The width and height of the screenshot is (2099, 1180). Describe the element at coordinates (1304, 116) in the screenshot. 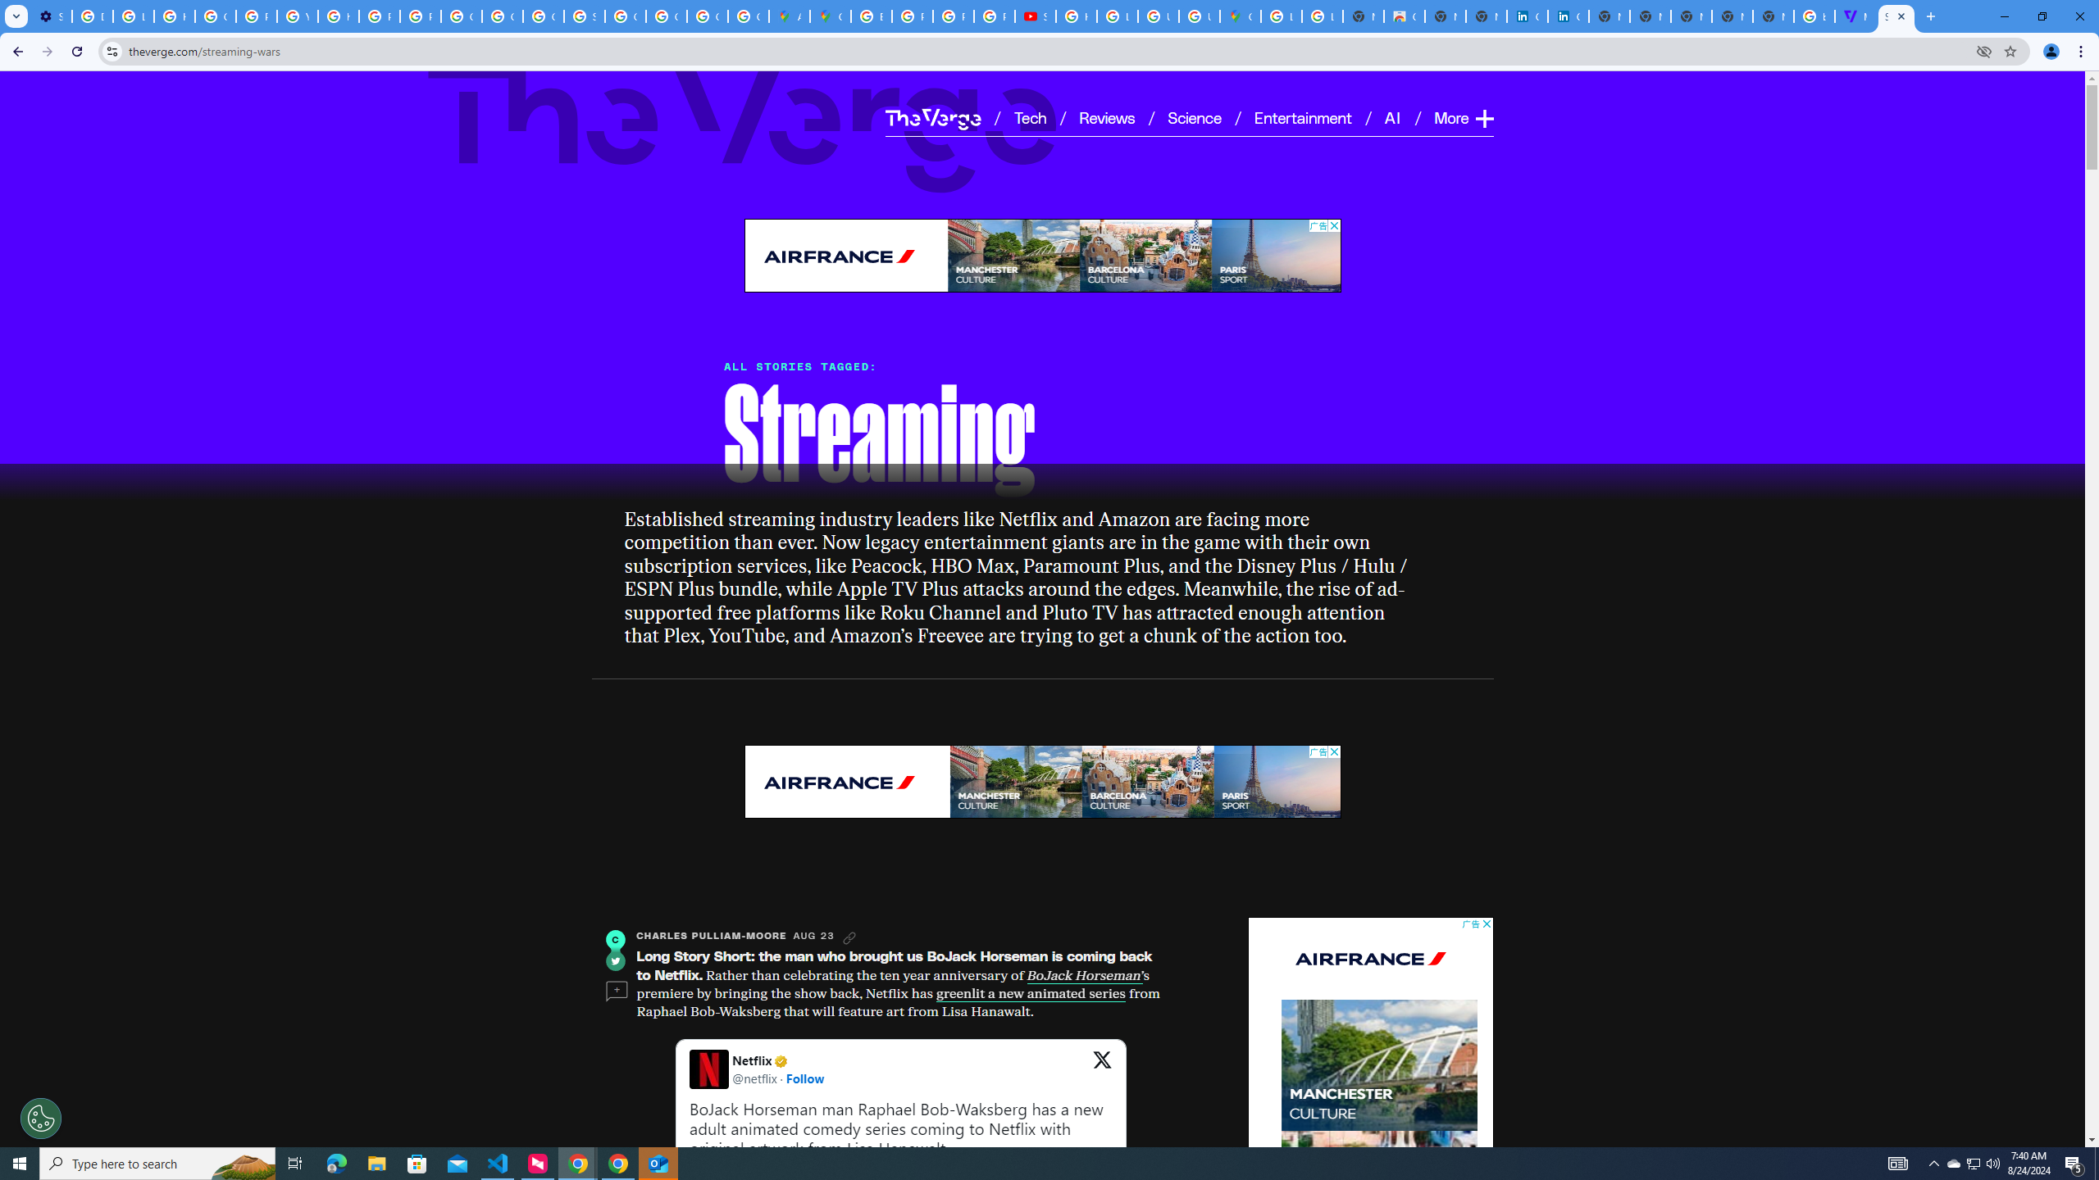

I see `'Entertainment'` at that location.